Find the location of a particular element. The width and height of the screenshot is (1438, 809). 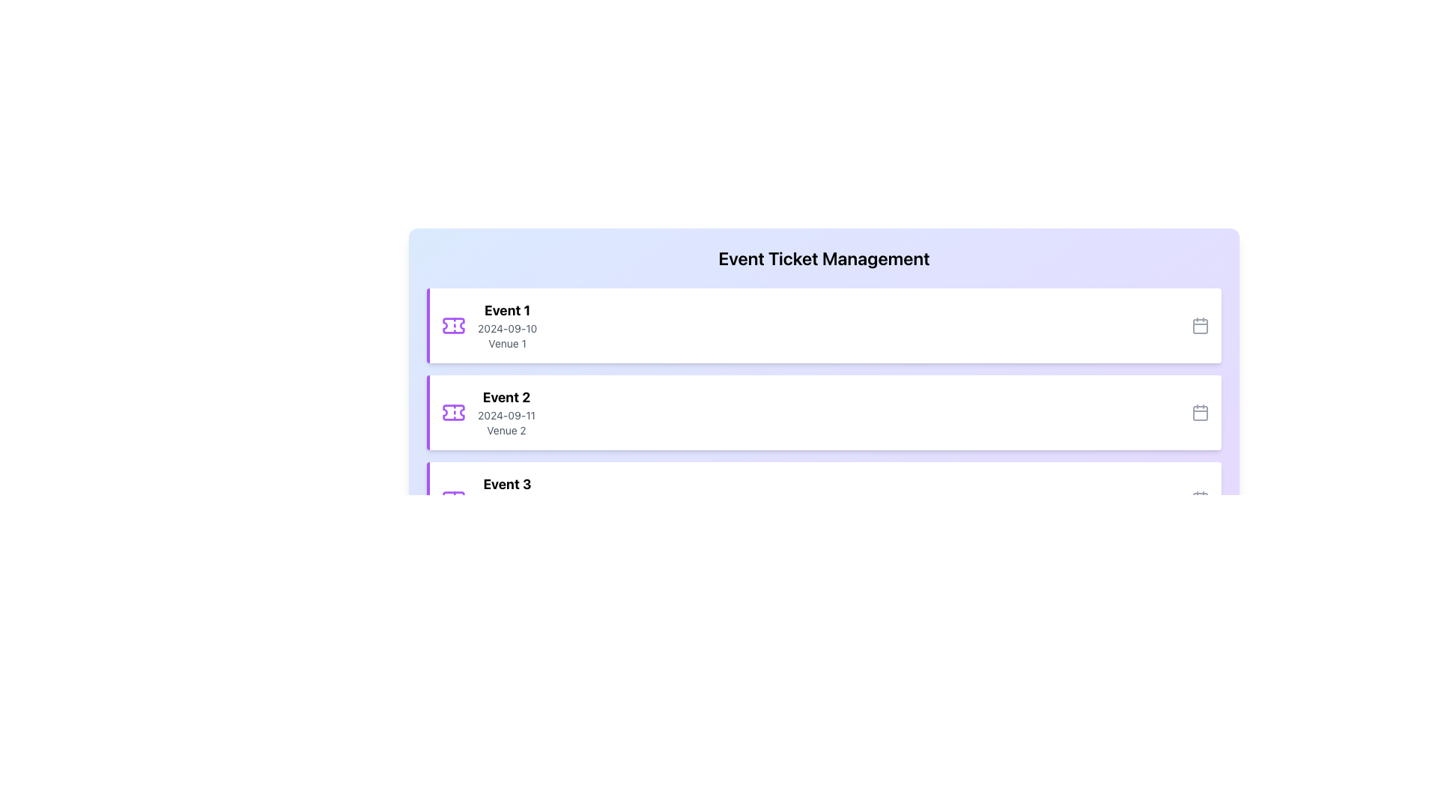

the smaller, solid square within the minimalist SVG calendar icon located next to the right edge of the event information card for 'Event 1' is located at coordinates (1201, 325).